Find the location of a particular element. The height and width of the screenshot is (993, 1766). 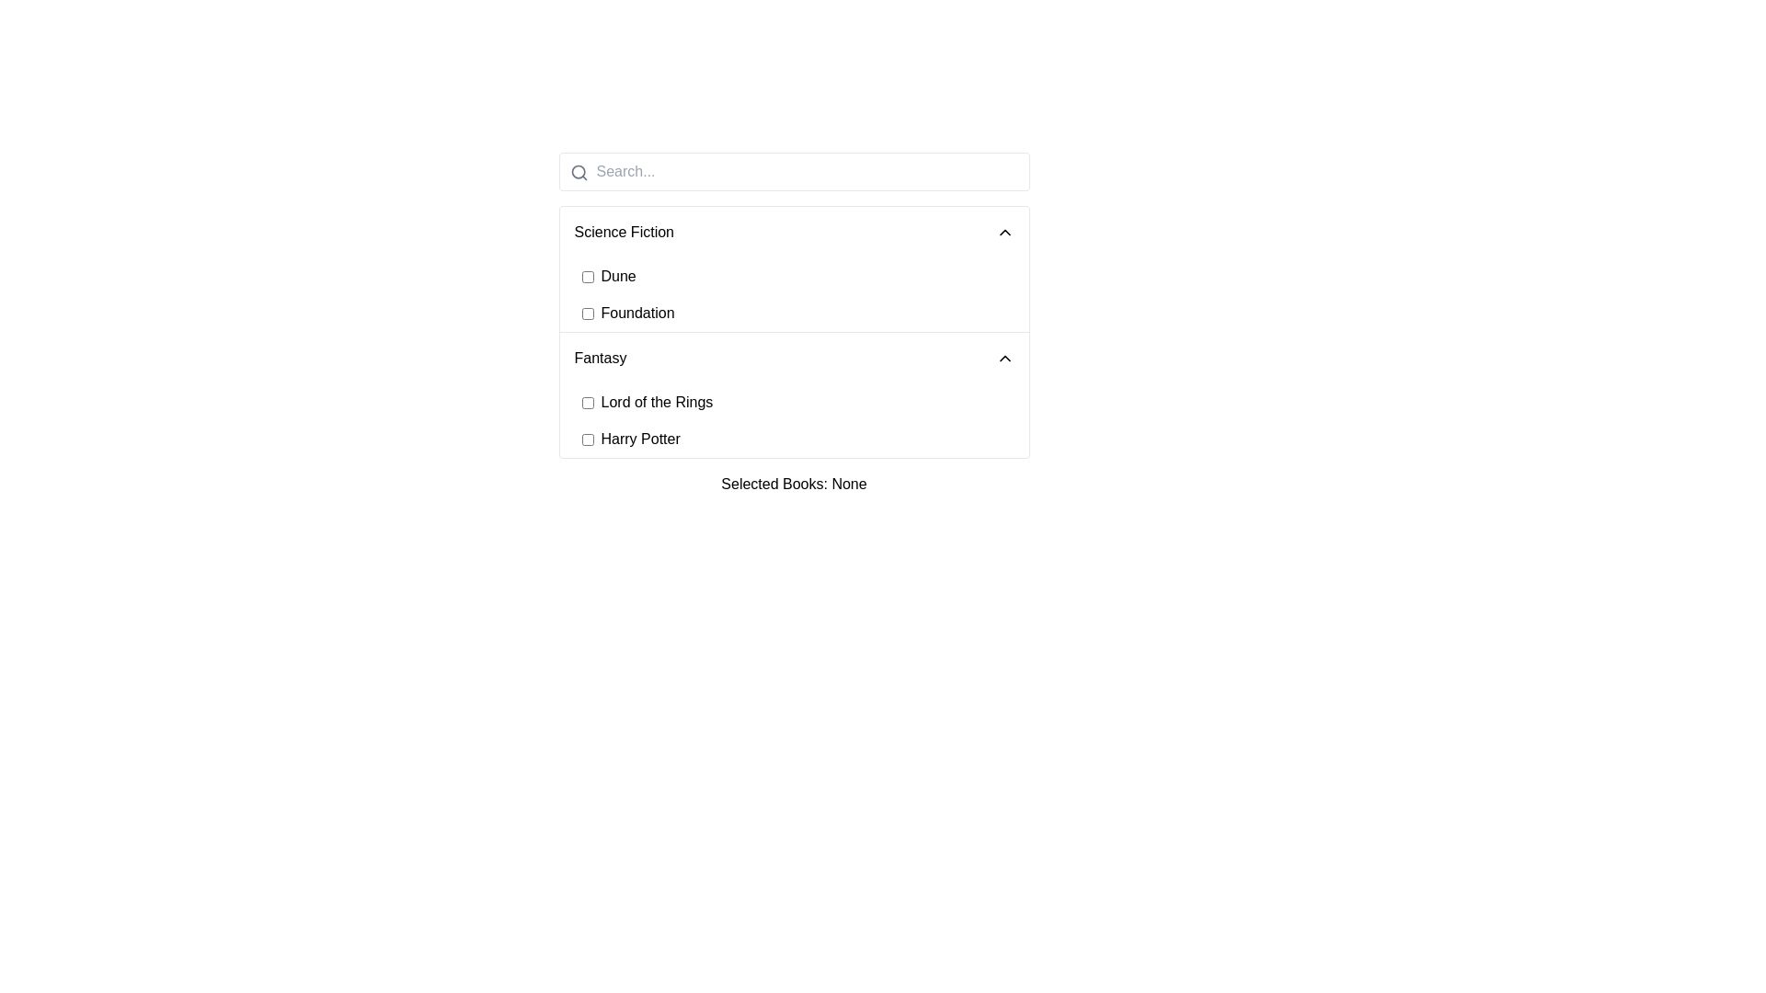

the toggle button for the 'Fantasy' category is located at coordinates (794, 358).